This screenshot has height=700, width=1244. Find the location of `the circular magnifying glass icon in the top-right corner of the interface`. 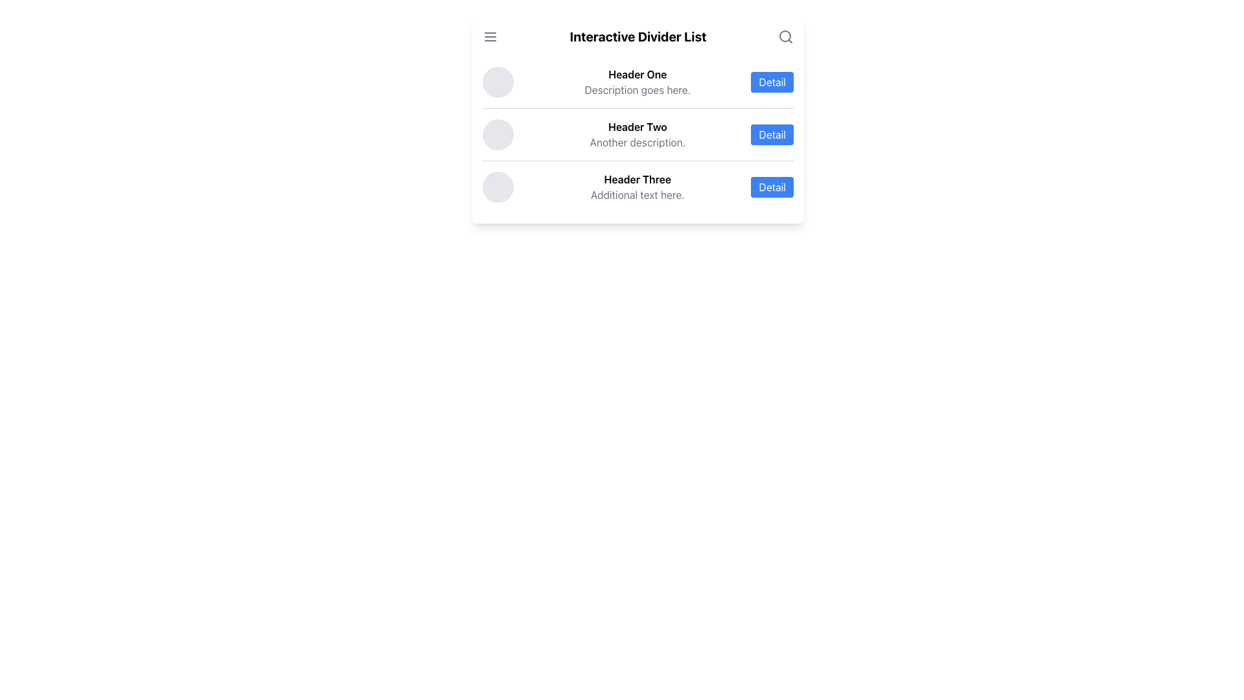

the circular magnifying glass icon in the top-right corner of the interface is located at coordinates (784, 36).